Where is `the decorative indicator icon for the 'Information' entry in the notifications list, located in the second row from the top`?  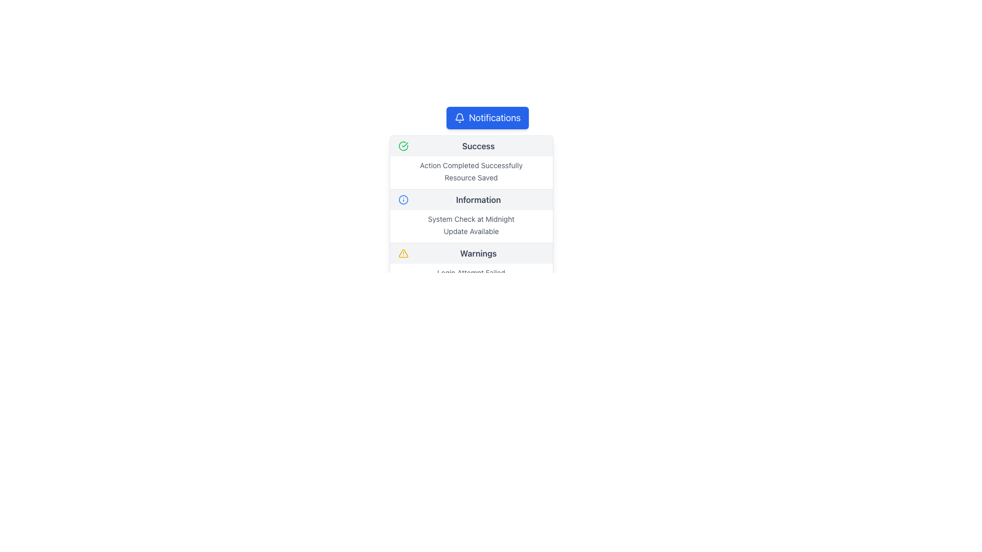 the decorative indicator icon for the 'Information' entry in the notifications list, located in the second row from the top is located at coordinates (403, 199).